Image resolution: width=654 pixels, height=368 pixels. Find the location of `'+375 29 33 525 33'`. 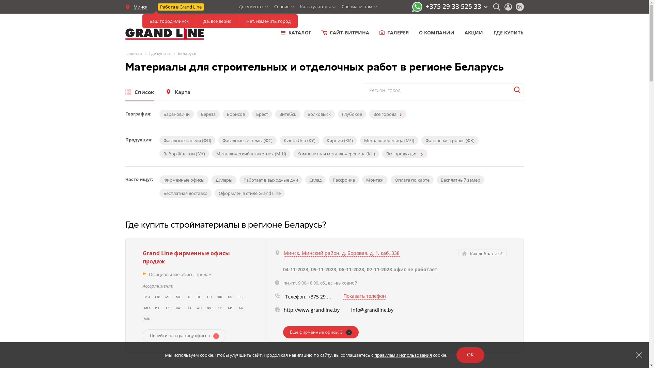

'+375 29 33 525 33' is located at coordinates (425, 6).